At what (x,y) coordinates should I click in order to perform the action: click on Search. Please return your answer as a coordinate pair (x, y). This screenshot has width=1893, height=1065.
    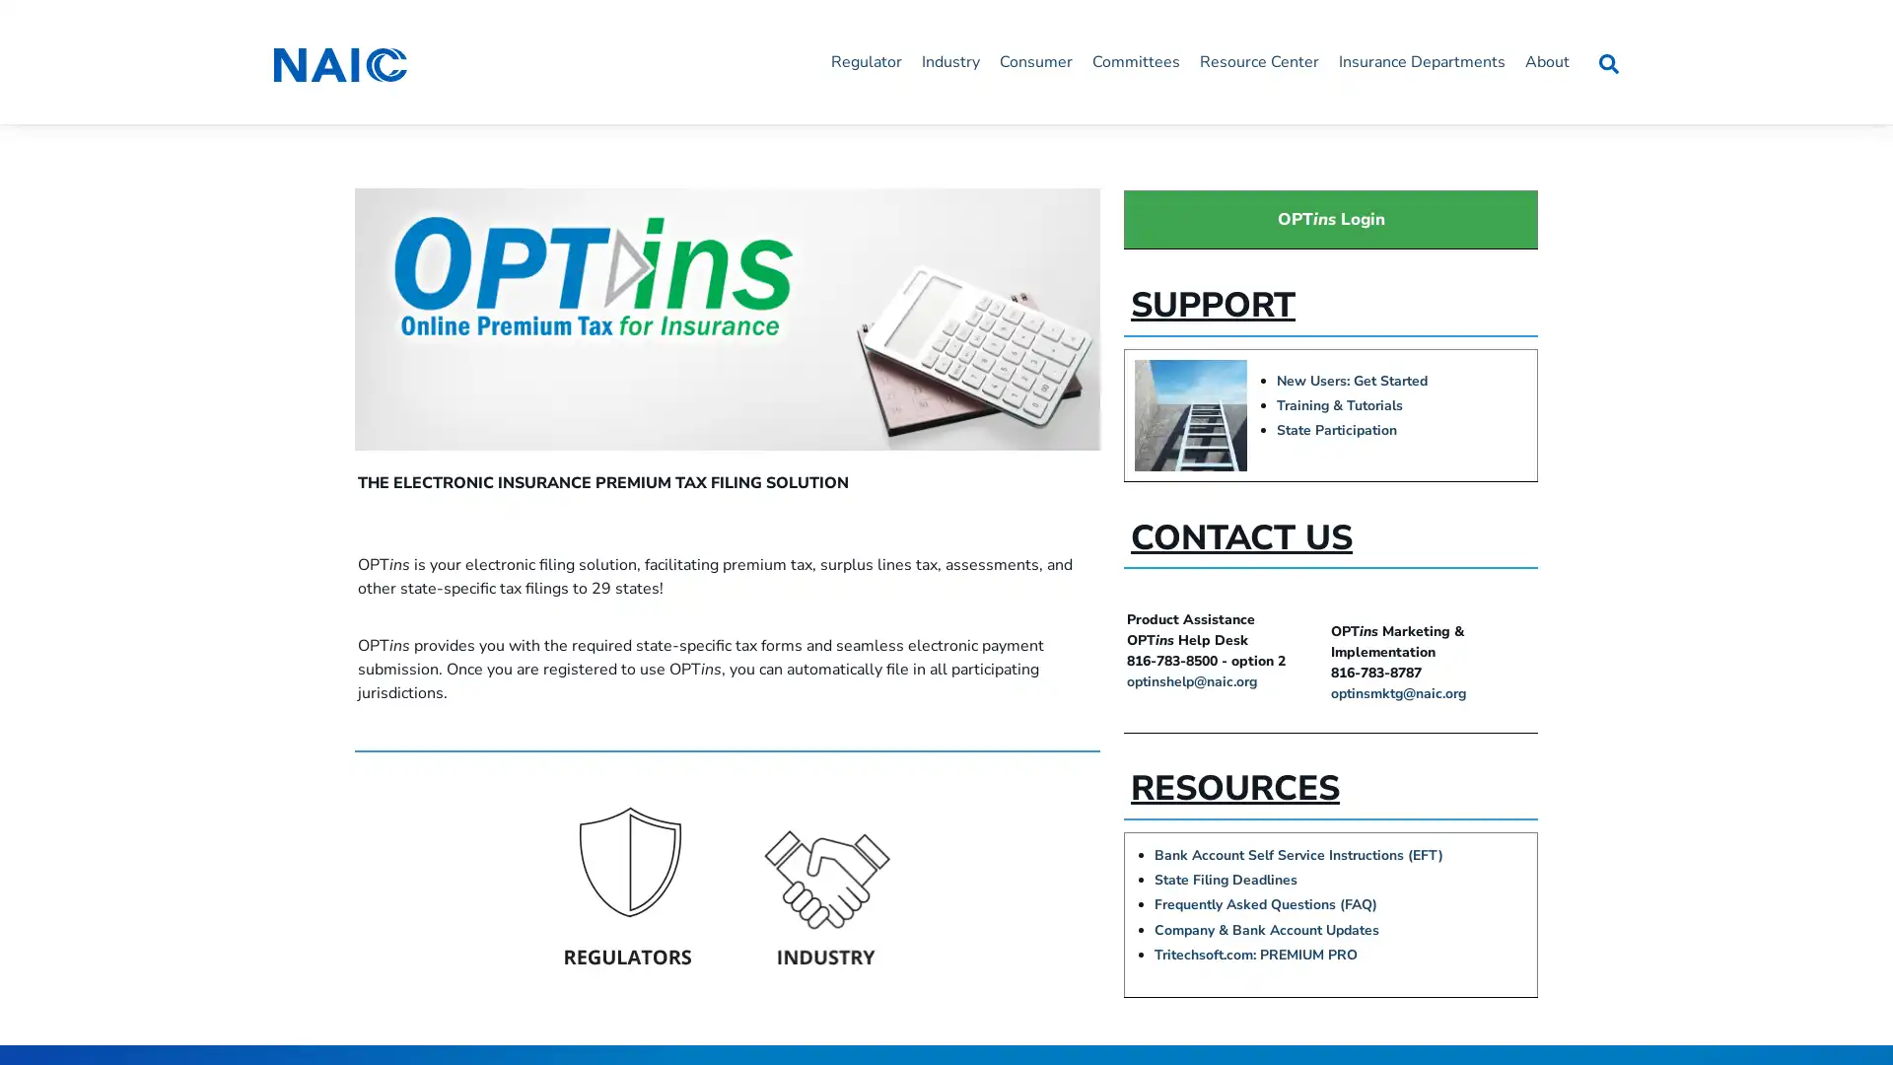
    Looking at the image, I should click on (1609, 63).